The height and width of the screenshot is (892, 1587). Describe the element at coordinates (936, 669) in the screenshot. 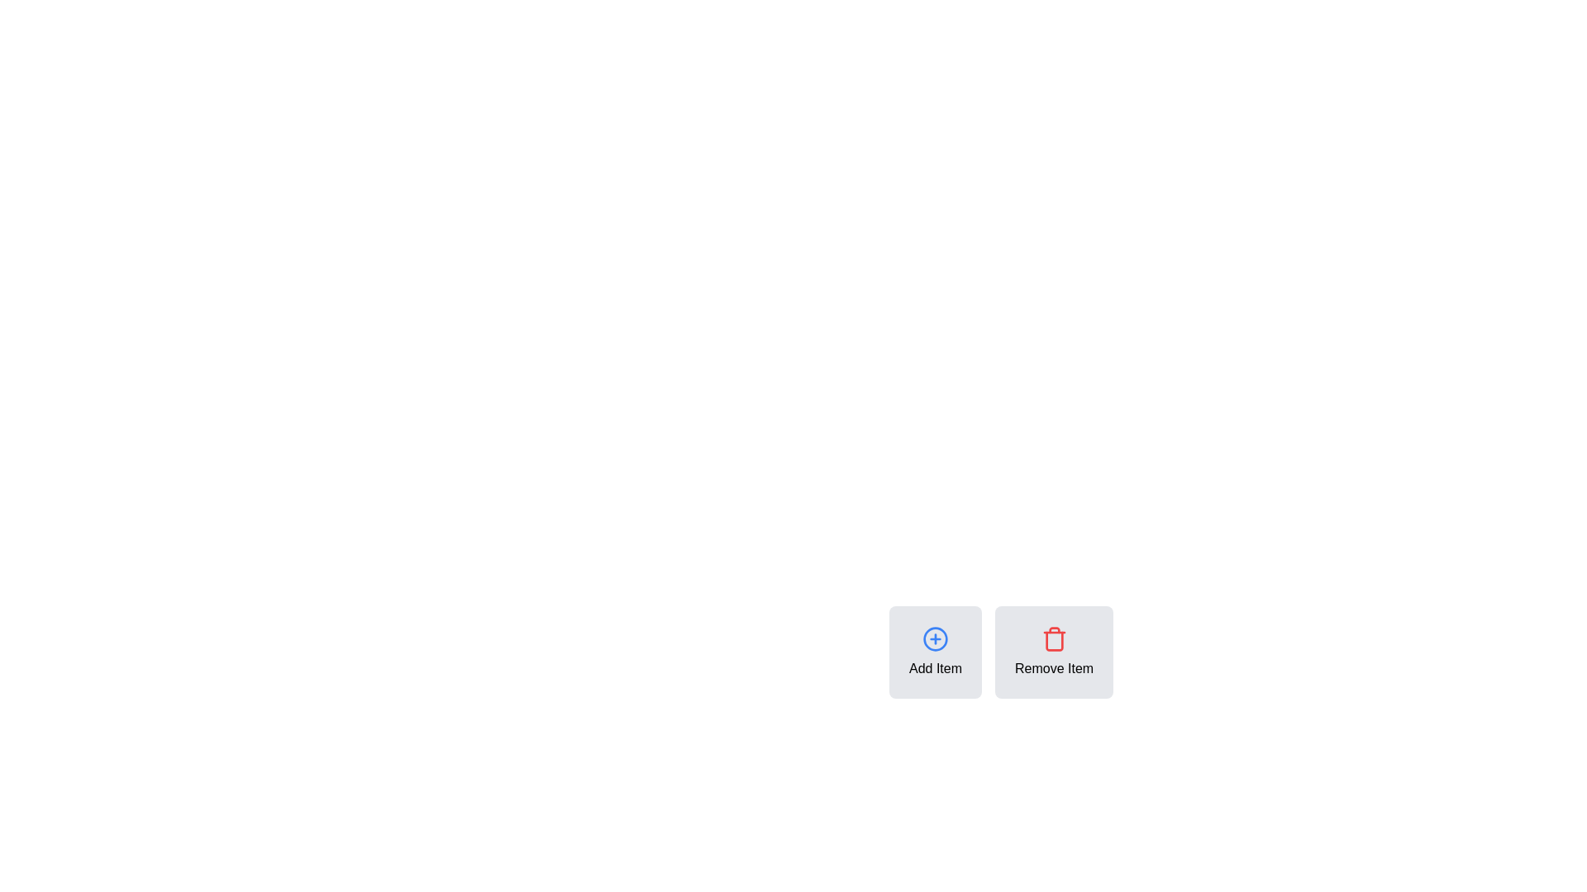

I see `the 'Add Item' text label that provides context for the blue circular icon above it` at that location.